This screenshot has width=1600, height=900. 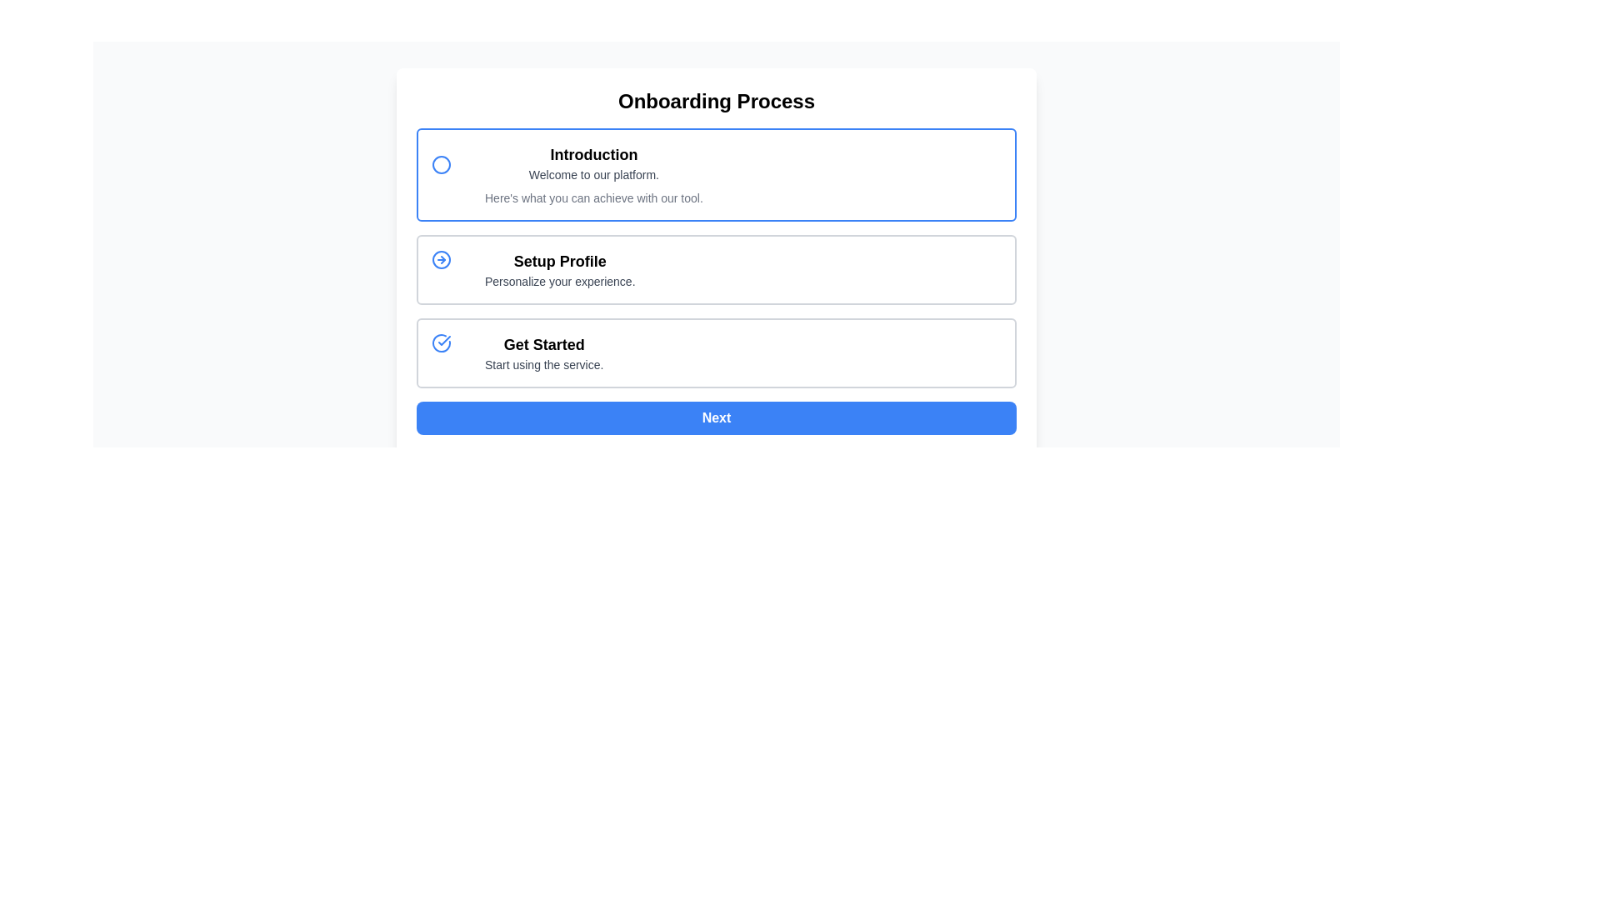 What do you see at coordinates (716, 352) in the screenshot?
I see `the 'Get Started' informational card, which is the third card in the vertical list under 'Onboarding Process'` at bounding box center [716, 352].